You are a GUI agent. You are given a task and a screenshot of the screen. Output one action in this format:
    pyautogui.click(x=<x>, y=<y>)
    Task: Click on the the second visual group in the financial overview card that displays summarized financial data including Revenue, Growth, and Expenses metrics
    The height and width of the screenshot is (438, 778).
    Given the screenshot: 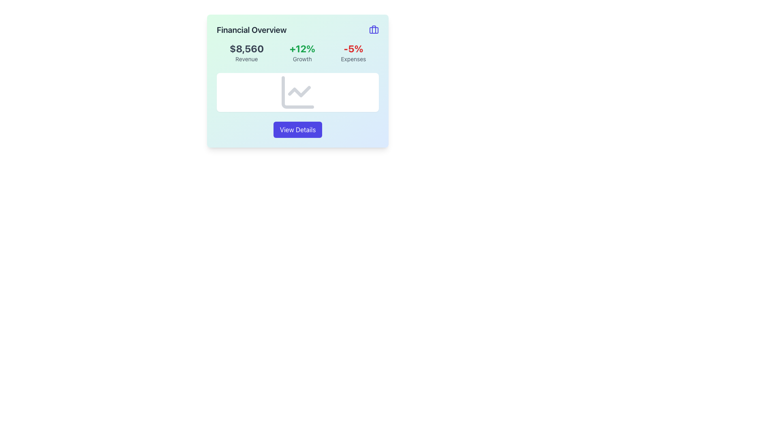 What is the action you would take?
    pyautogui.click(x=297, y=53)
    